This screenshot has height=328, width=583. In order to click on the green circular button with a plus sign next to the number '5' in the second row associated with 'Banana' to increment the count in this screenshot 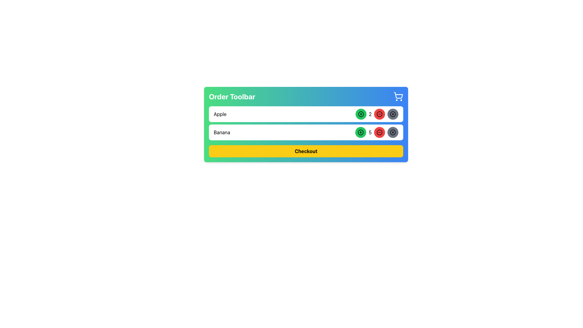, I will do `click(361, 132)`.